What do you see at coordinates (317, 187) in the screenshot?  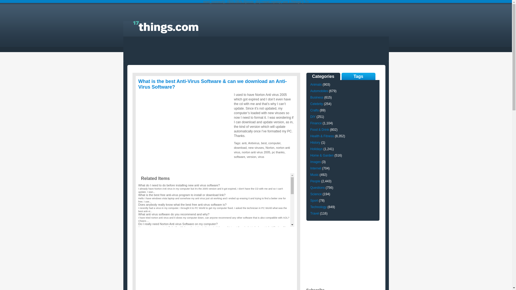 I see `'Questions'` at bounding box center [317, 187].